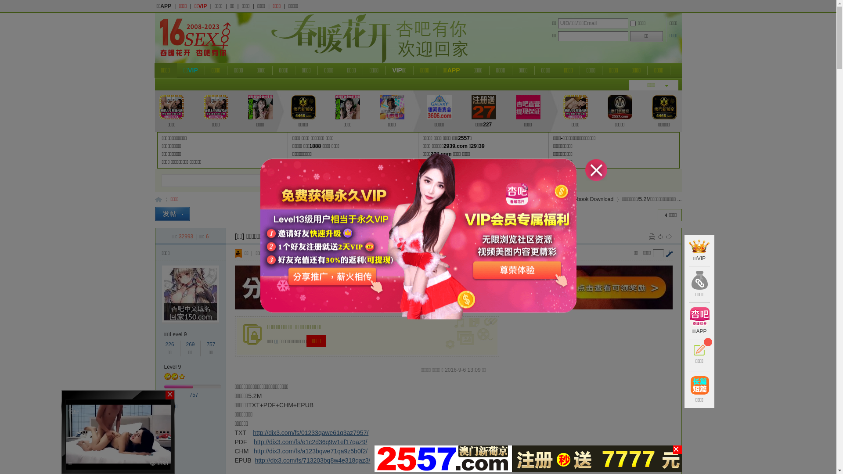  What do you see at coordinates (170, 344) in the screenshot?
I see `'226'` at bounding box center [170, 344].